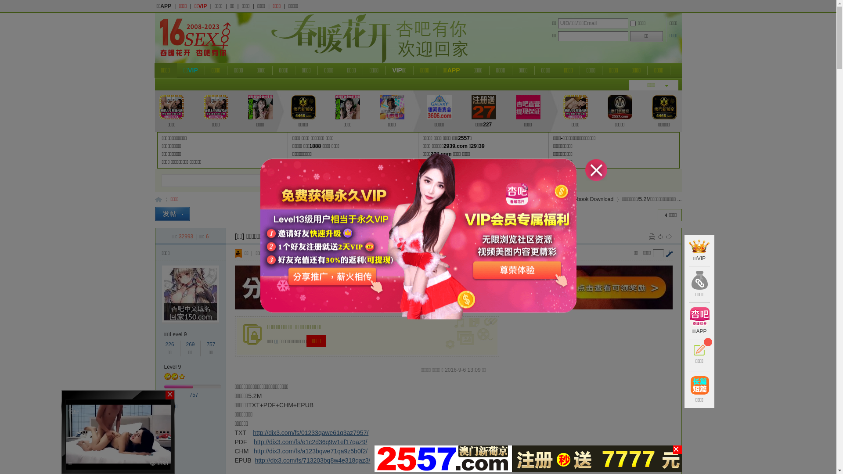  What do you see at coordinates (170, 344) in the screenshot?
I see `'226'` at bounding box center [170, 344].